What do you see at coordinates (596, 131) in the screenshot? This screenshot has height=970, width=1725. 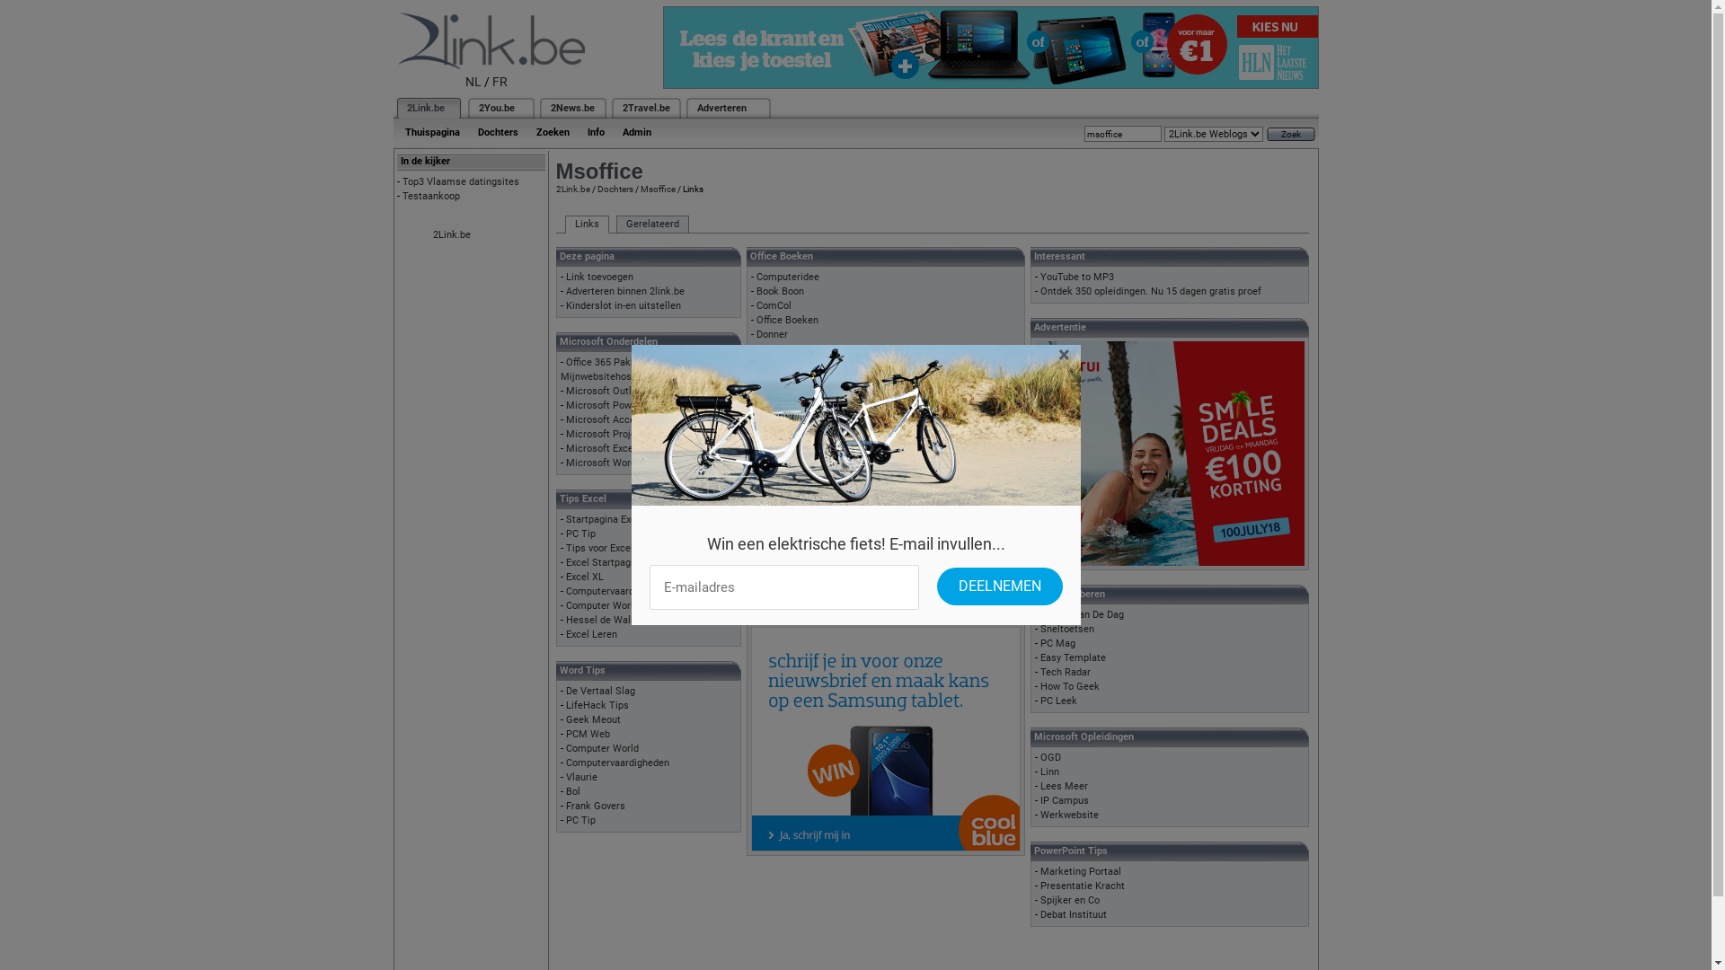 I see `'Info'` at bounding box center [596, 131].